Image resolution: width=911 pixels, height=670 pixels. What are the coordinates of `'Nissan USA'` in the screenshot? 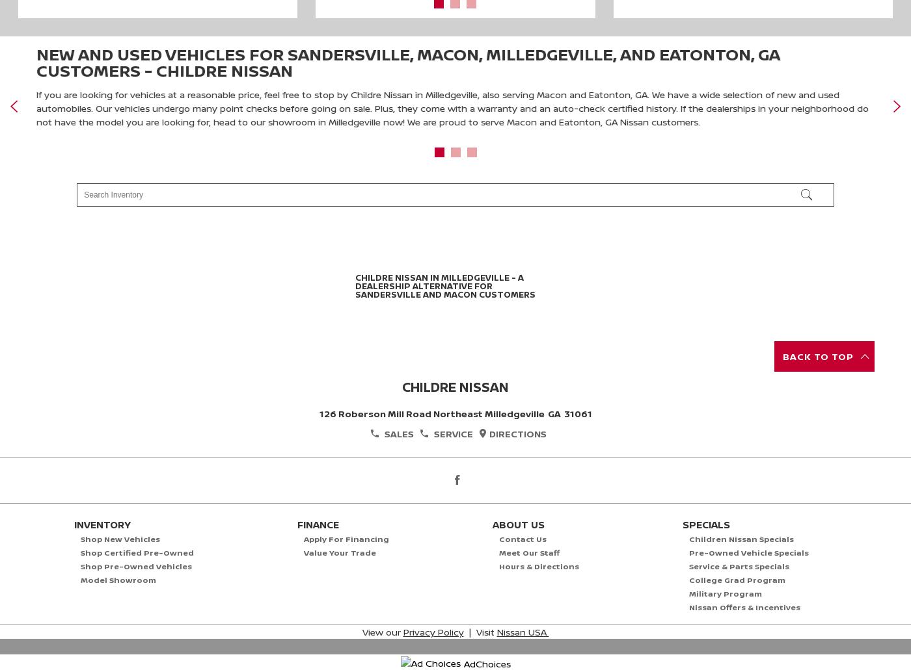 It's located at (496, 630).